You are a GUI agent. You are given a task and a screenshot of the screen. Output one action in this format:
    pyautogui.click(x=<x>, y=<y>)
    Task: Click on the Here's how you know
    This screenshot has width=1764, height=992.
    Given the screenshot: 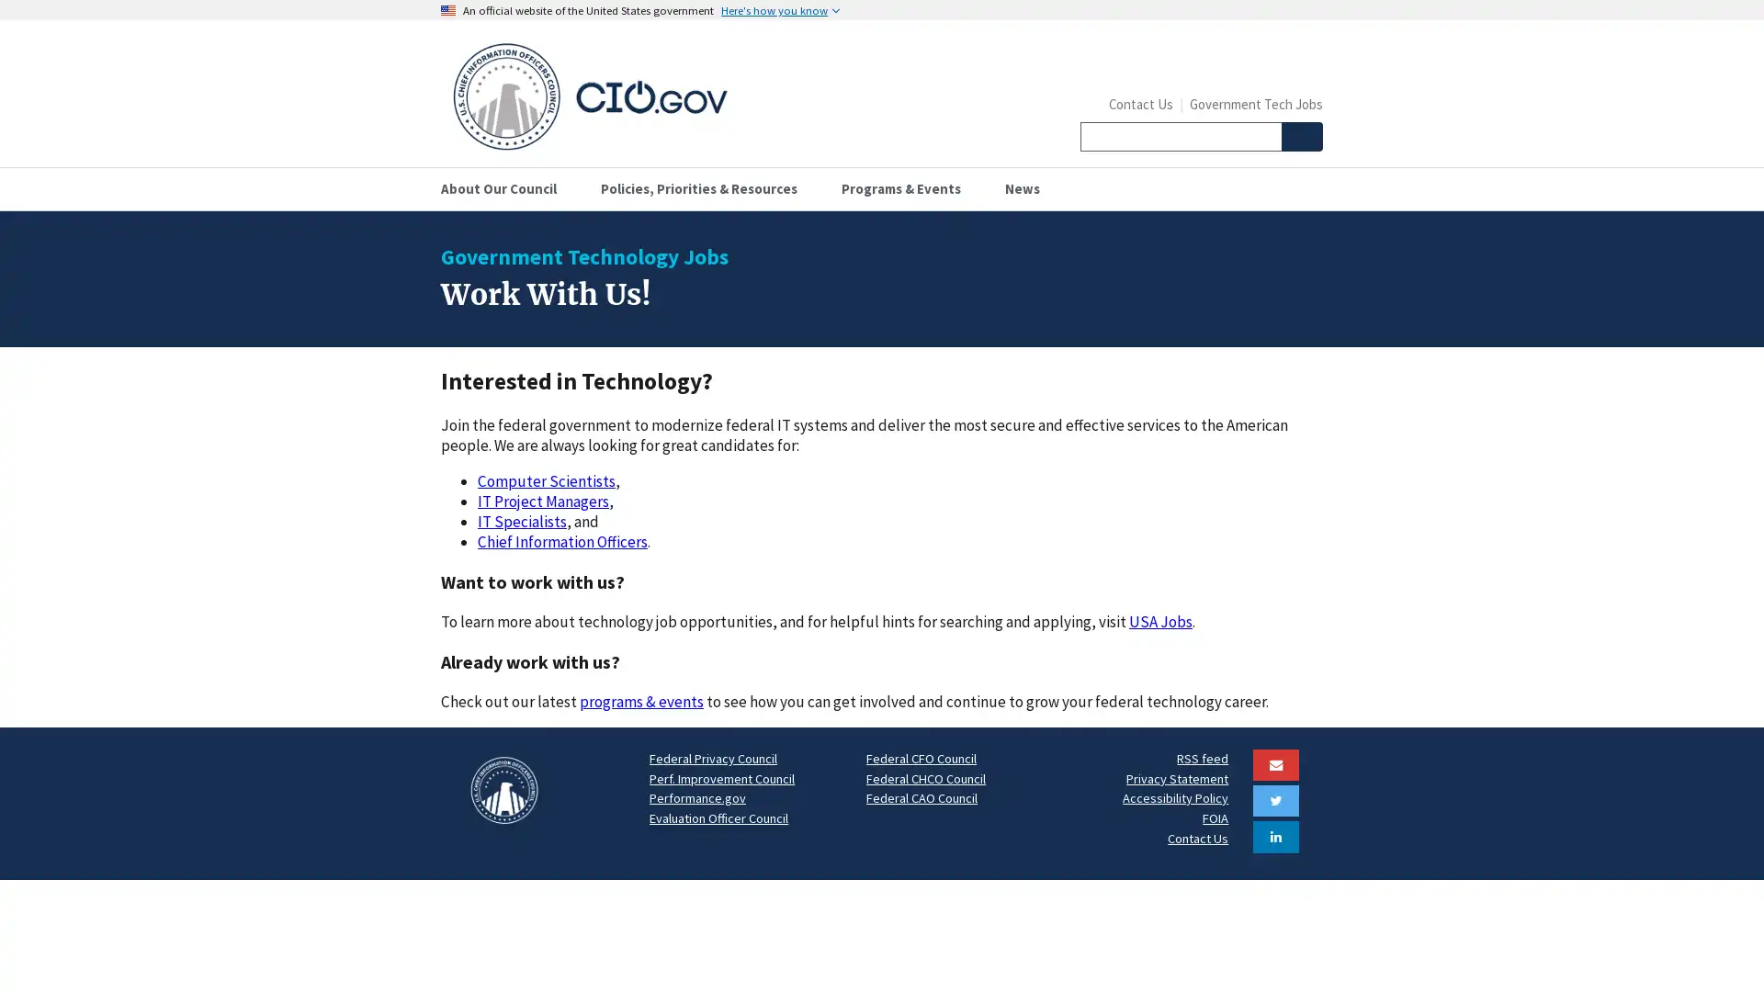 What is the action you would take?
    pyautogui.click(x=780, y=10)
    